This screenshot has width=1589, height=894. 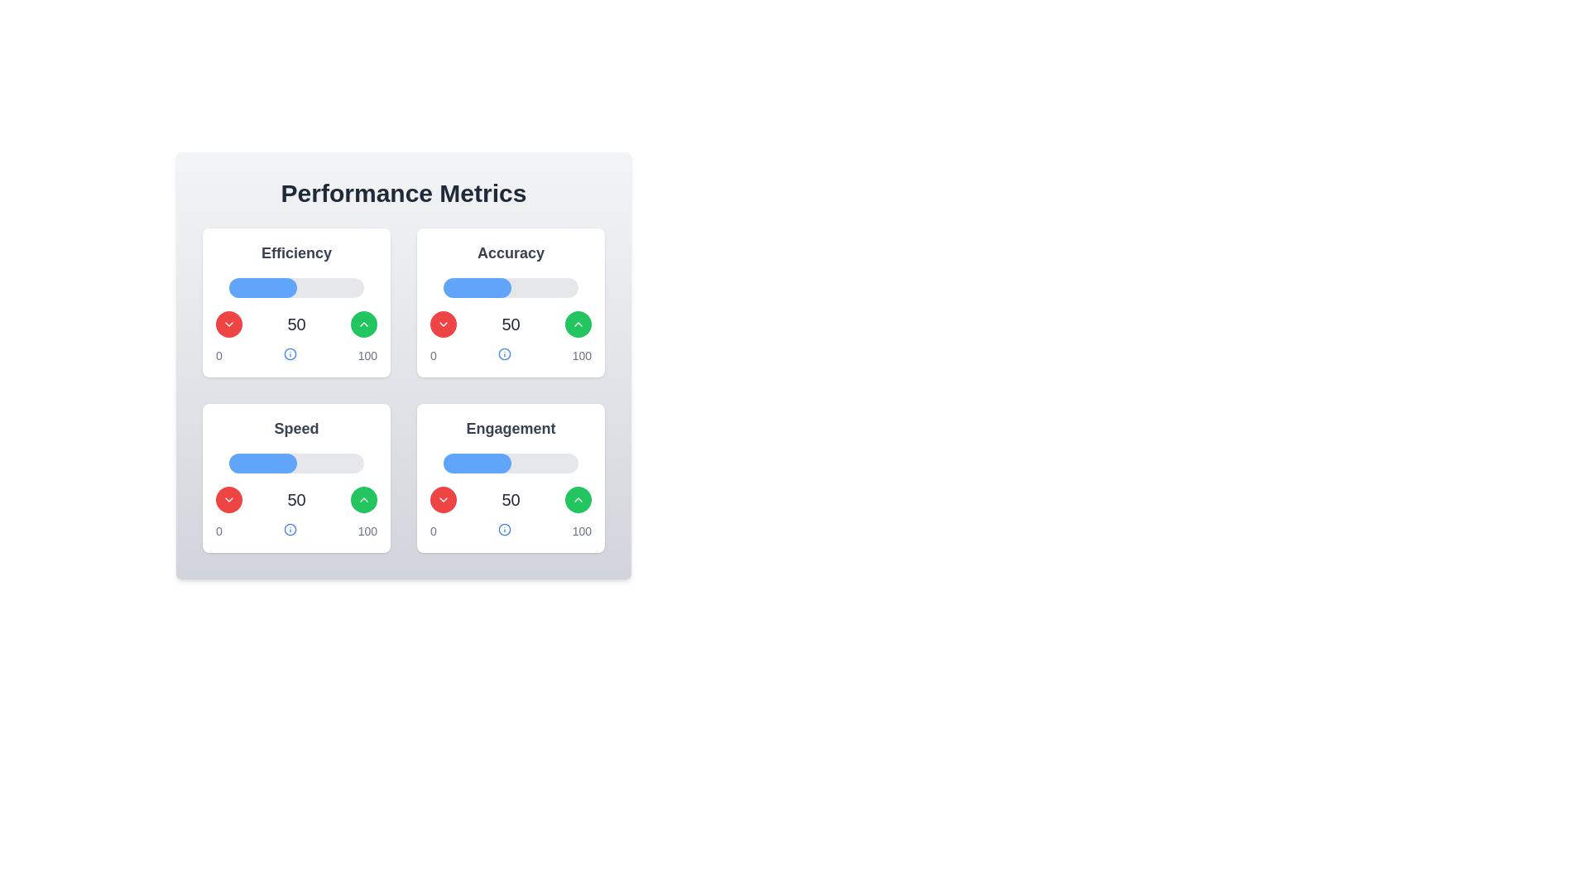 What do you see at coordinates (290, 353) in the screenshot?
I see `the circular blue outlined icon located in the 'Efficiency' card, positioned near the number '50' in the Performance Metrics section` at bounding box center [290, 353].